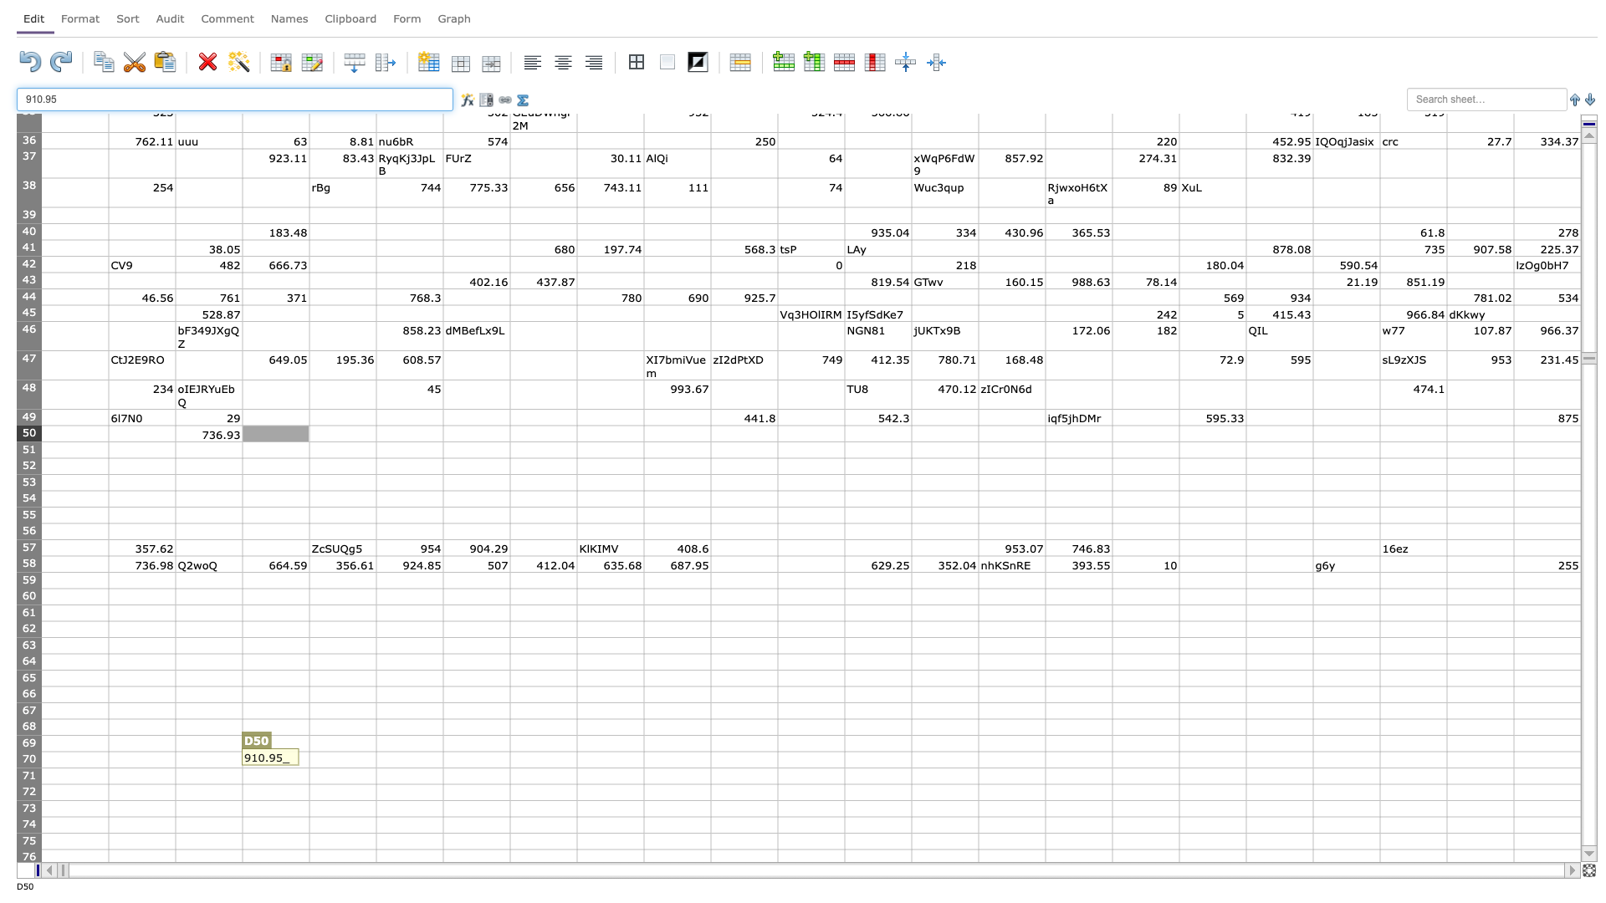  What do you see at coordinates (509, 768) in the screenshot?
I see `fill handle of G70` at bounding box center [509, 768].